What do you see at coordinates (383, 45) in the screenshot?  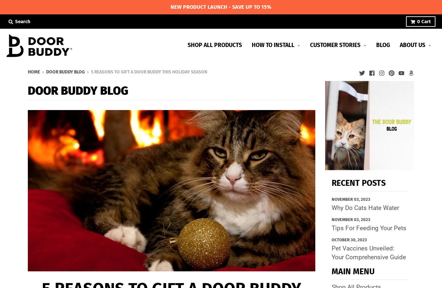 I see `'Blog'` at bounding box center [383, 45].